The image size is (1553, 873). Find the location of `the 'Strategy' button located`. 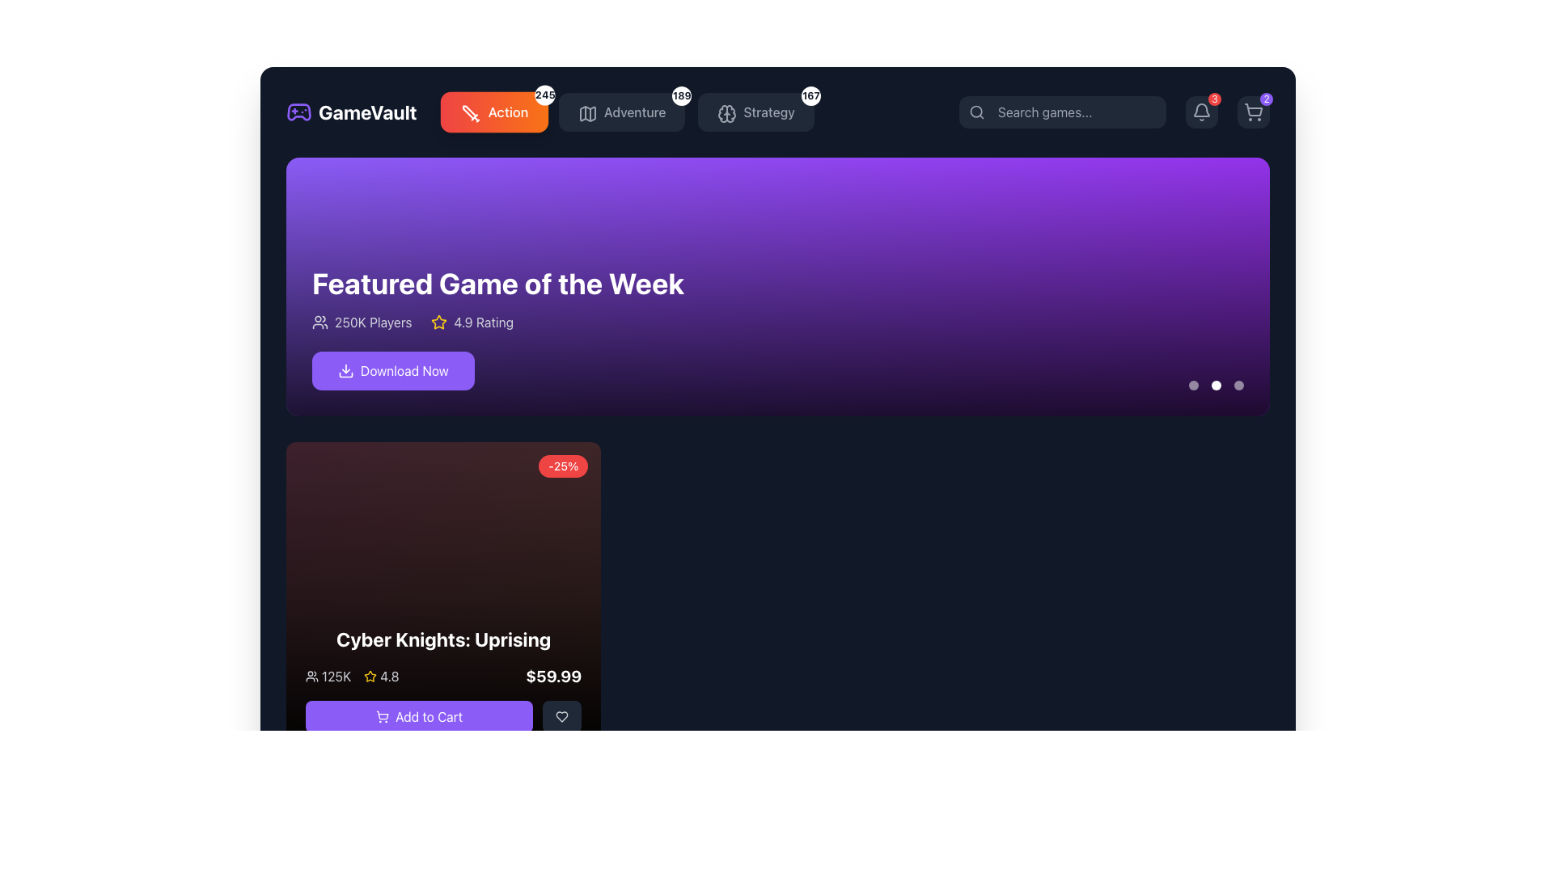

the 'Strategy' button located is located at coordinates (755, 111).